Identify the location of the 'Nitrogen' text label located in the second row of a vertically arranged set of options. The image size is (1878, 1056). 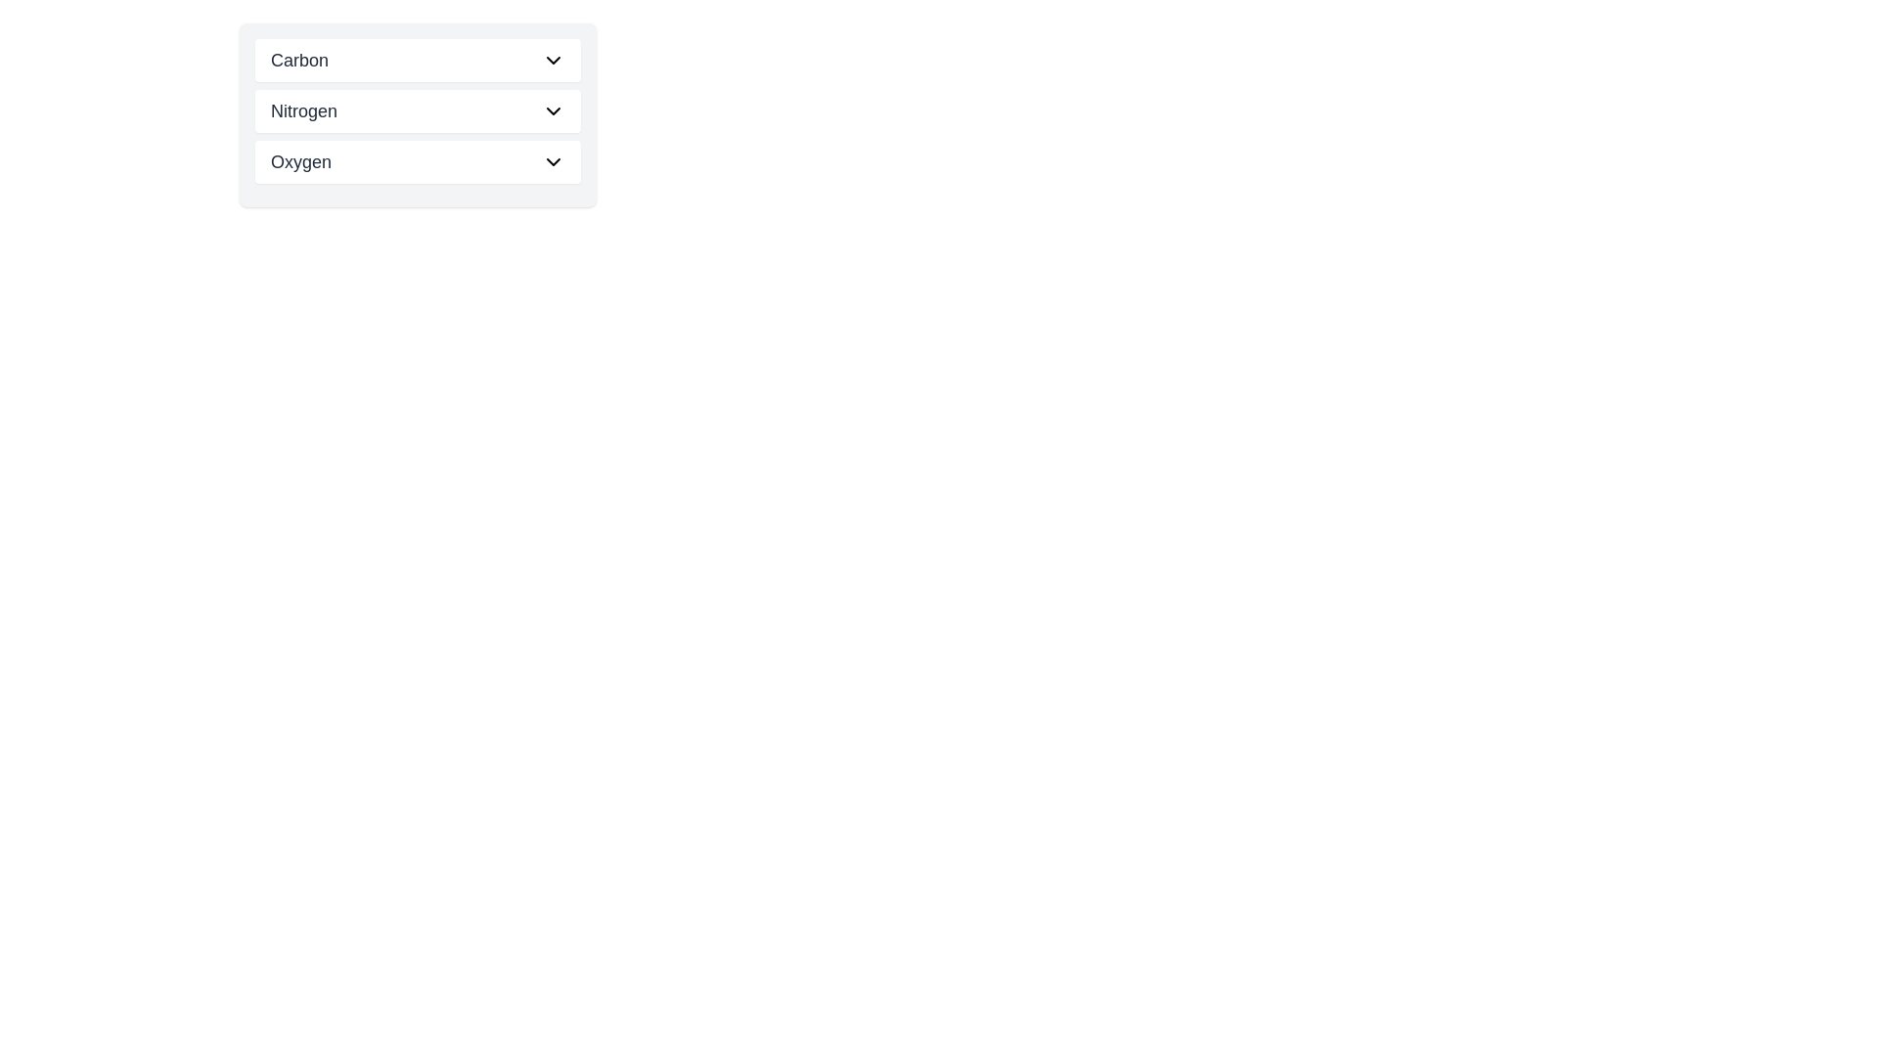
(303, 111).